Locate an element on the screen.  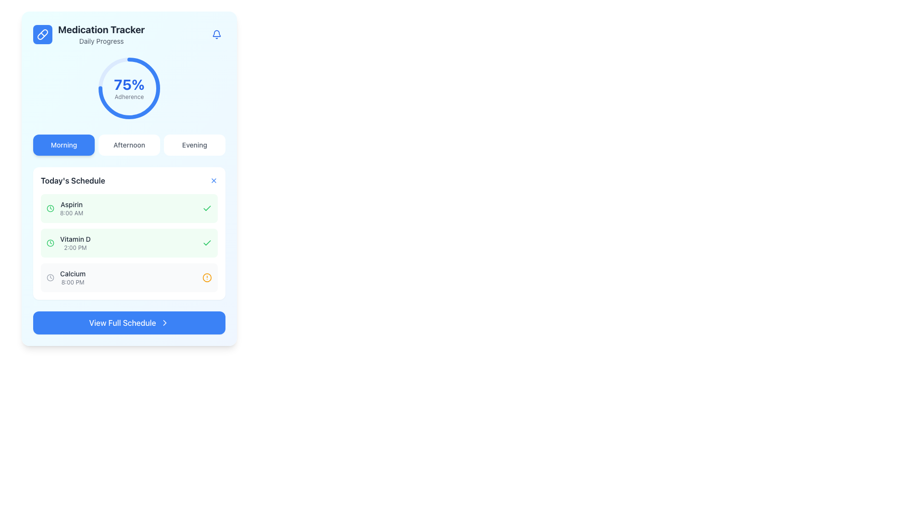
the first medication entry in the 'Today's Schedule' section is located at coordinates (128, 208).